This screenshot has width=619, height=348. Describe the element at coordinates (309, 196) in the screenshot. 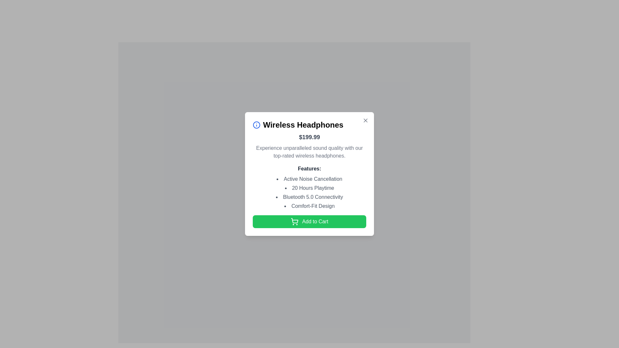

I see `the informational text element that lists 'Bluetooth 5.0 Connectivity', which is the third item under the 'Features' heading, situated between '20 Hours Playtime' and 'Comfort-Fit Design'` at that location.